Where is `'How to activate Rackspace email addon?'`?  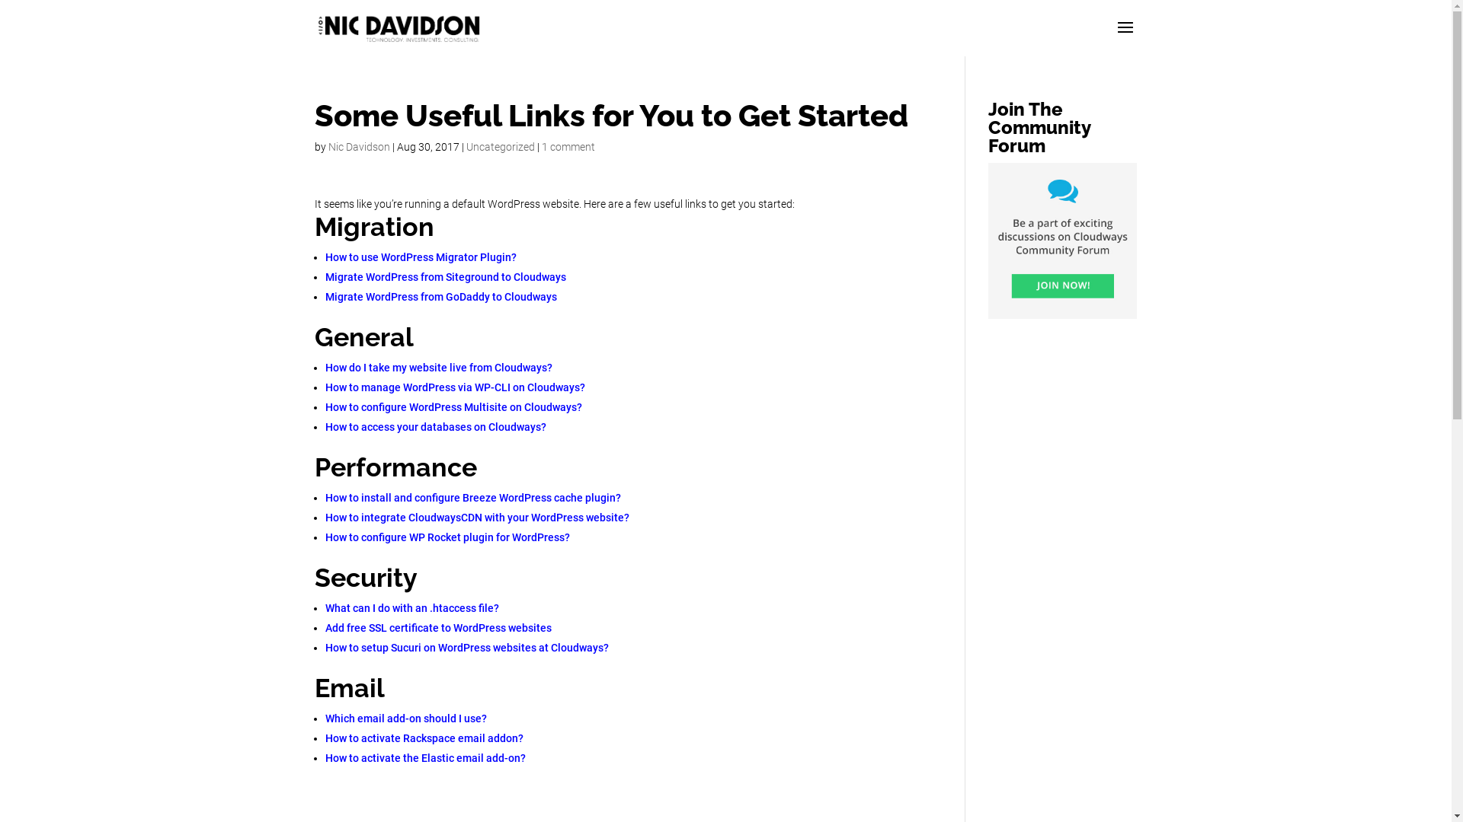 'How to activate Rackspace email addon?' is located at coordinates (424, 737).